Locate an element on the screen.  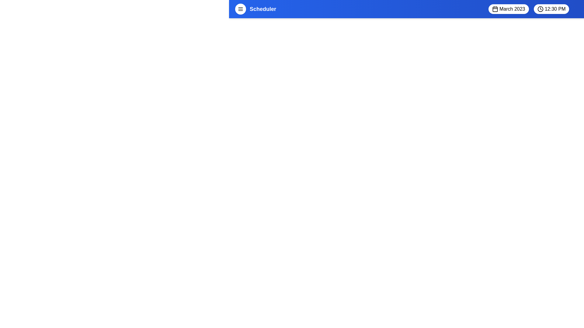
the element displaying the current time to retrieve its value is located at coordinates (551, 9).